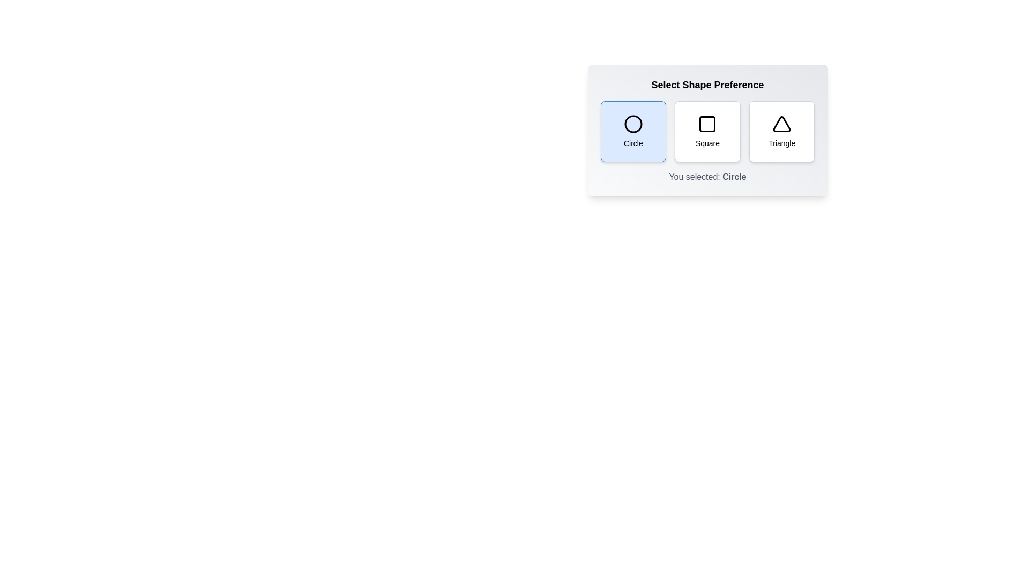  Describe the element at coordinates (707, 131) in the screenshot. I see `the shape Square by clicking on its corresponding button` at that location.